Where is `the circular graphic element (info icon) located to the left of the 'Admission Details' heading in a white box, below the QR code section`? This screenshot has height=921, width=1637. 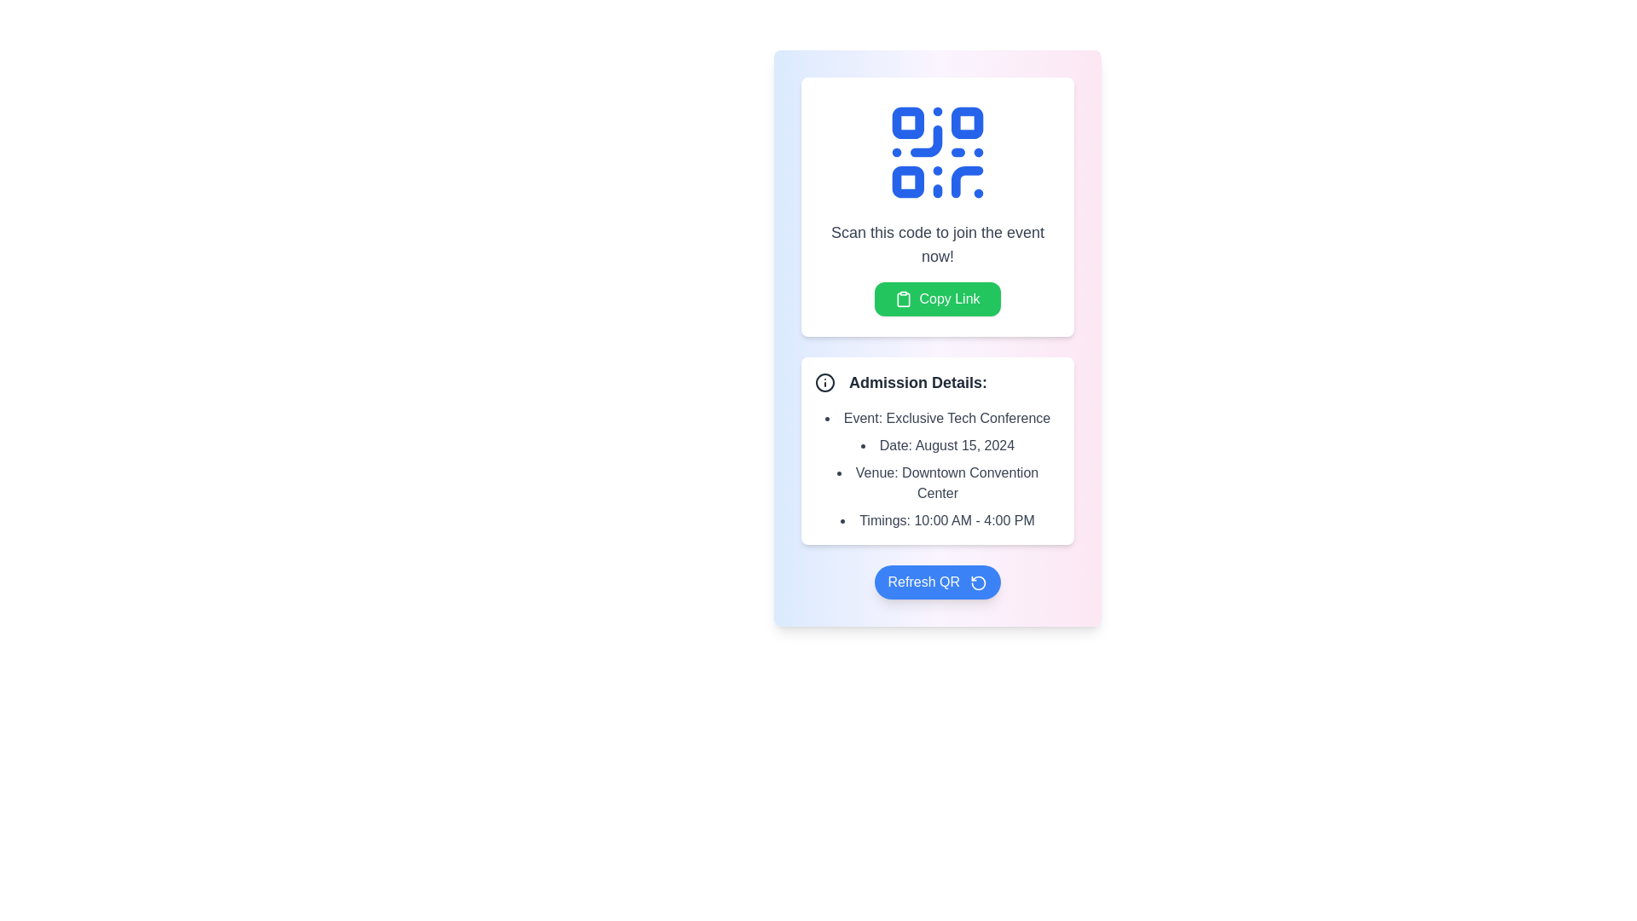
the circular graphic element (info icon) located to the left of the 'Admission Details' heading in a white box, below the QR code section is located at coordinates (825, 381).